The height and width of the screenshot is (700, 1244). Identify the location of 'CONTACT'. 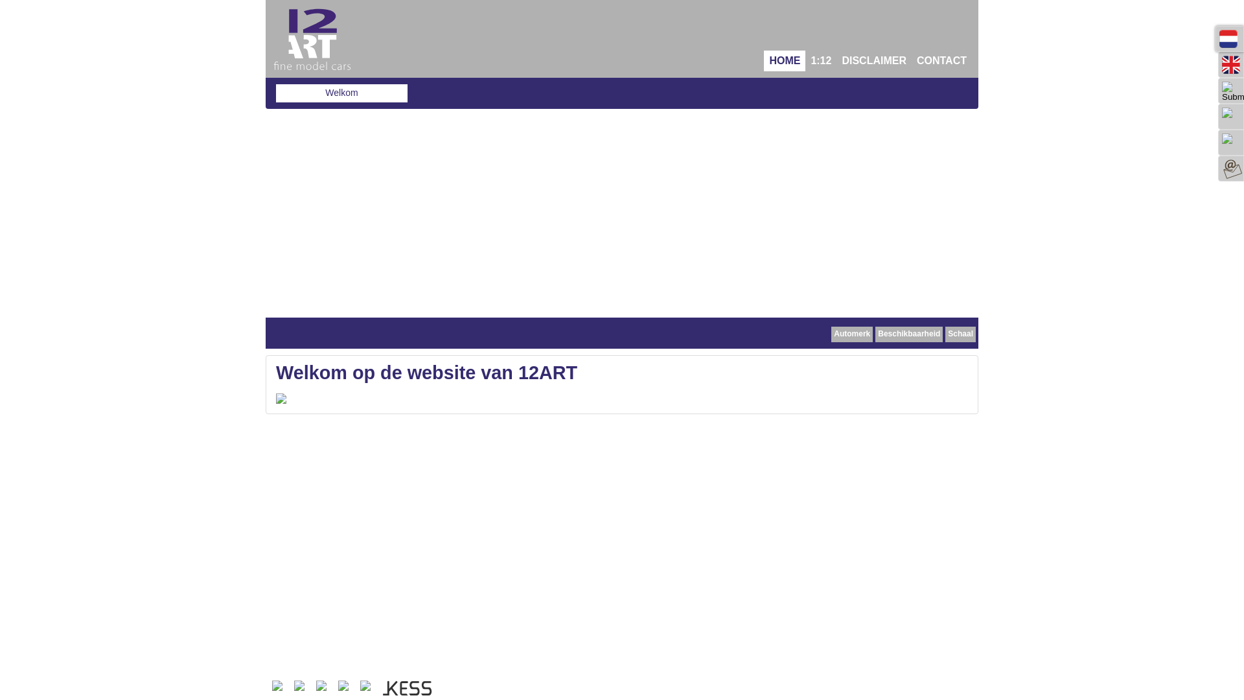
(941, 60).